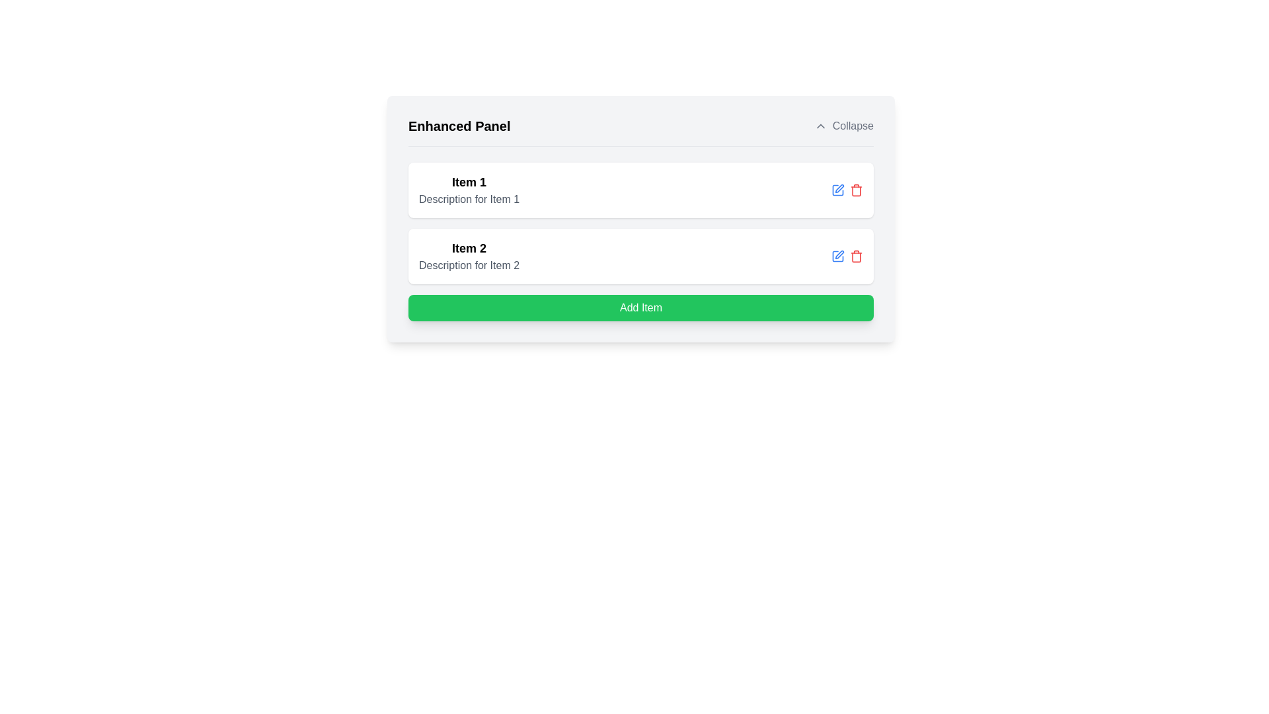 Image resolution: width=1269 pixels, height=714 pixels. I want to click on the Chevron Up icon located before the text 'Collapse' in the top-right corner of the interface header, so click(820, 126).